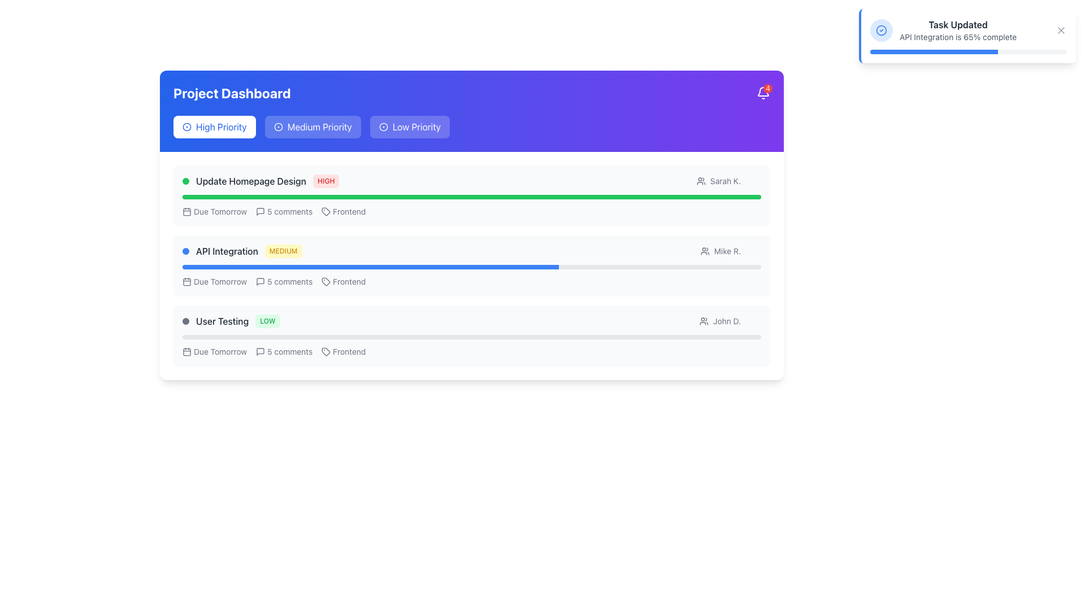  I want to click on the speech bubble-like icon located to the right of the '5 comments' label for the 'Update Homepage Design' task, so click(260, 211).